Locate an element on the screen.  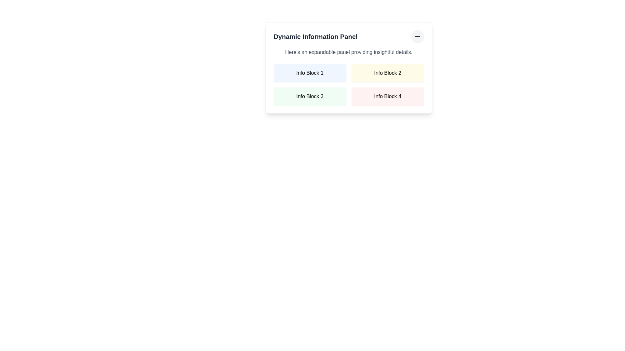
the static informational block labeled 'Info Block 2' which displays informative content and is located in the first row, second column of the grid layout is located at coordinates (387, 73).